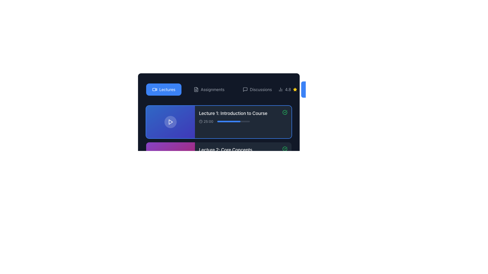  I want to click on the Progress bar segment, so click(228, 121).